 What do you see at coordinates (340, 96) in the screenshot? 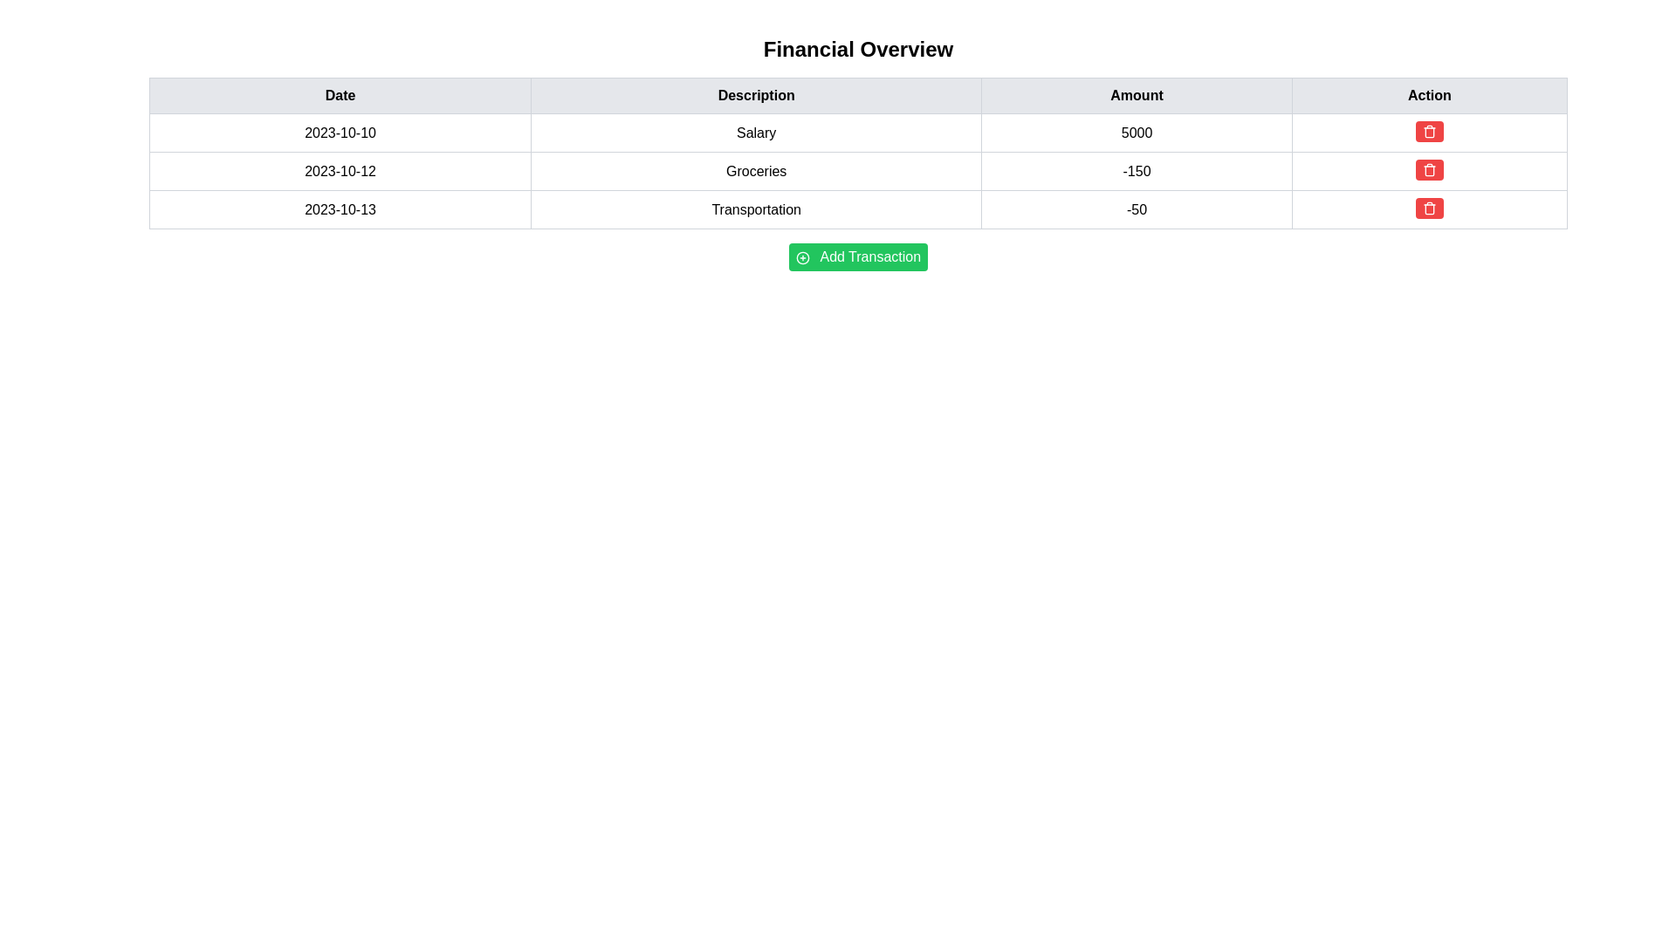
I see `the 'Date' header element, which displays the word 'Date' in bold within a light gray background, serving as the first column header in a table layout` at bounding box center [340, 96].